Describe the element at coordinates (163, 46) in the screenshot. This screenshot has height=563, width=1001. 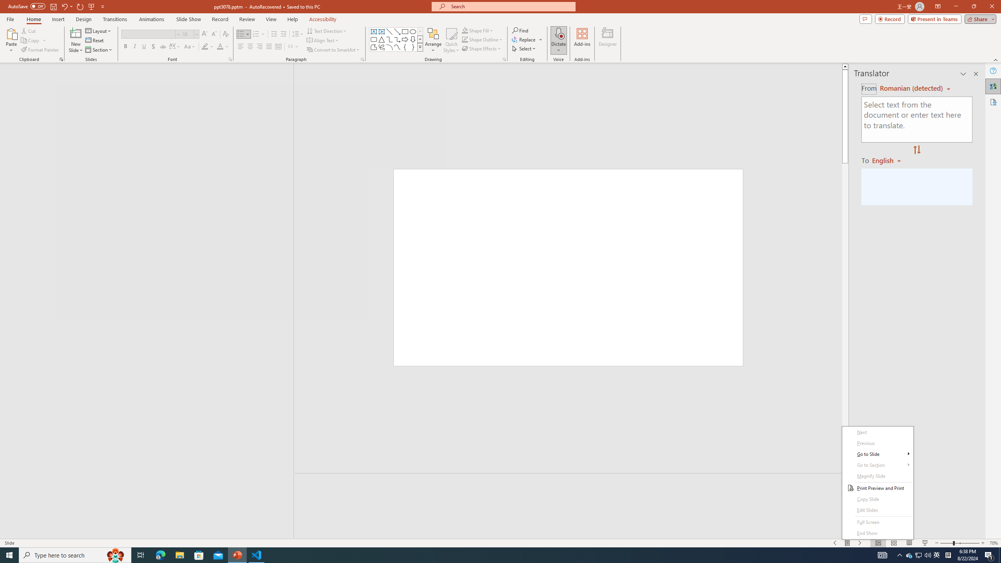
I see `'Strikethrough'` at that location.